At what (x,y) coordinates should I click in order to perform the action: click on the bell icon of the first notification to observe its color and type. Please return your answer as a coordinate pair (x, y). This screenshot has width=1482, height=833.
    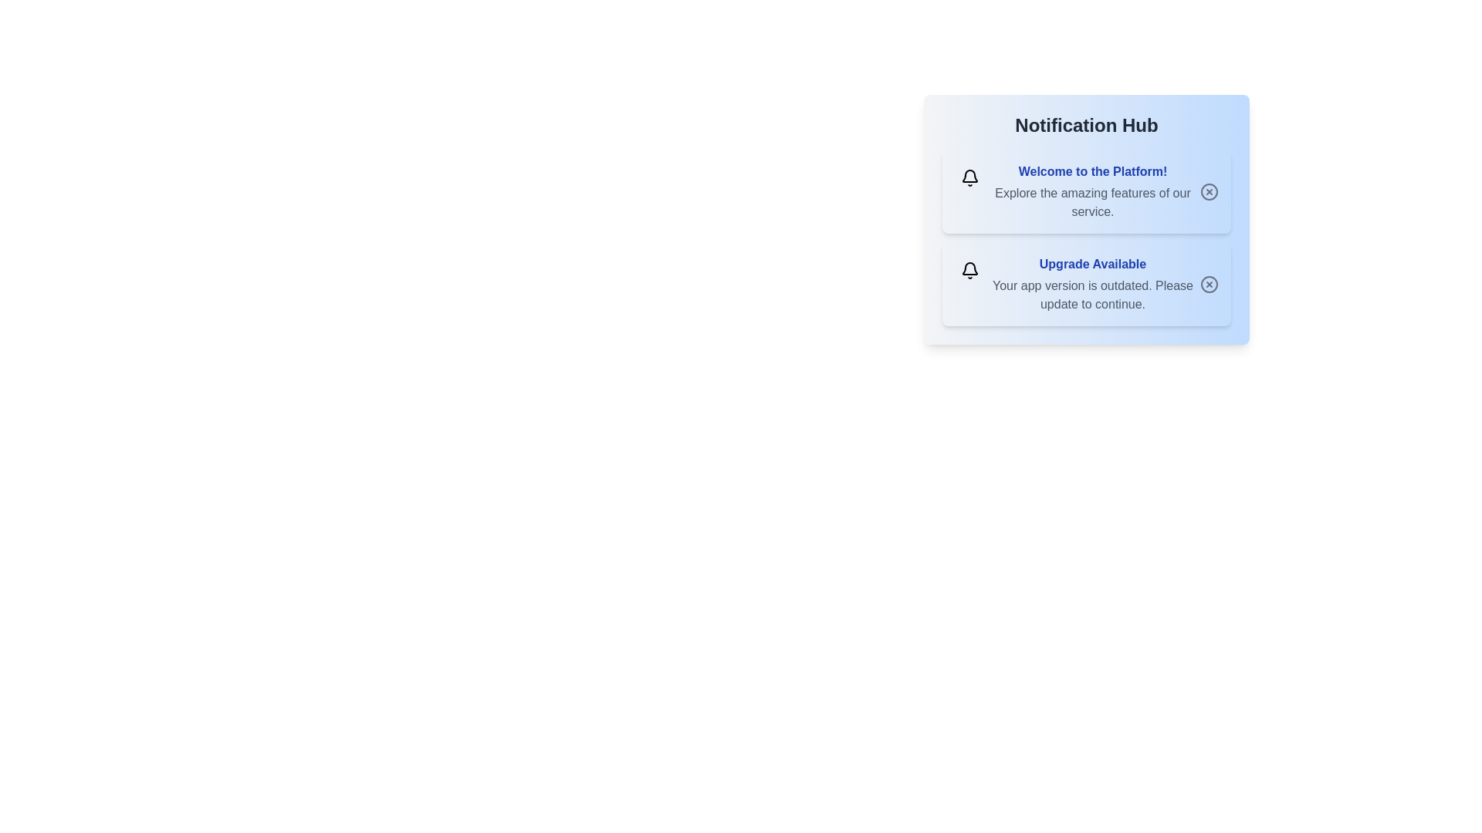
    Looking at the image, I should click on (969, 177).